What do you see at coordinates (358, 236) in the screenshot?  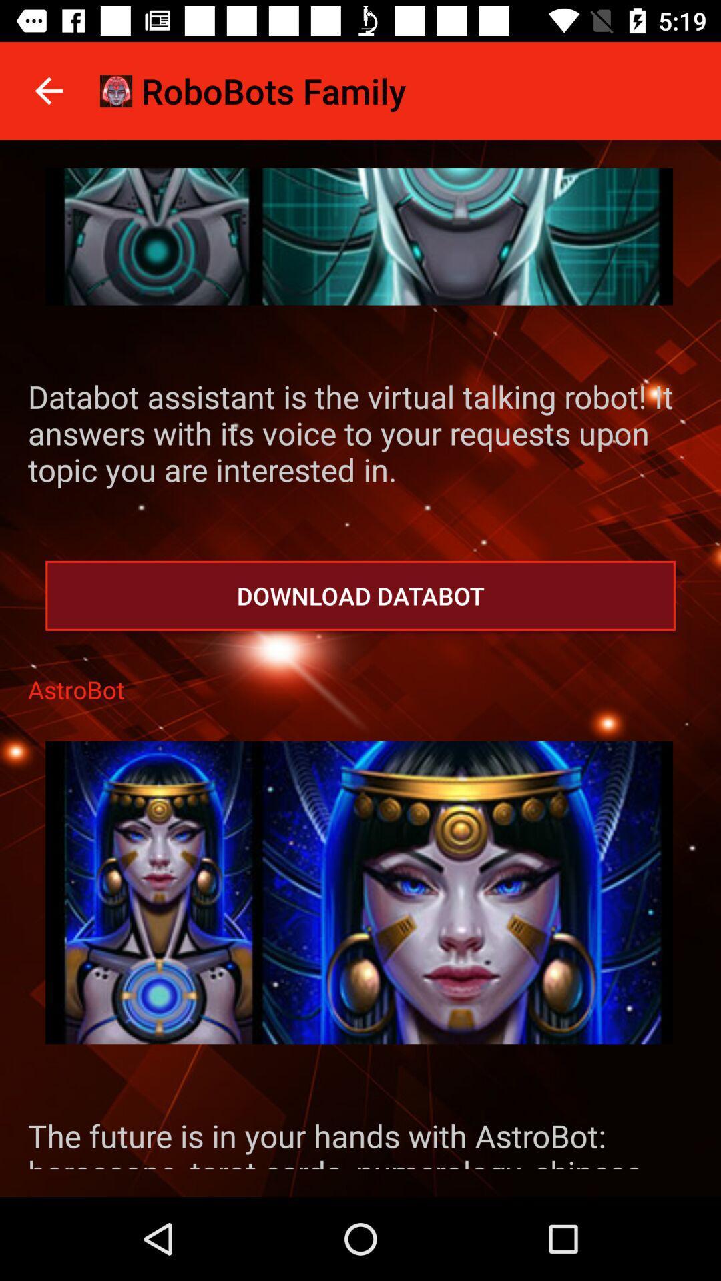 I see `game page` at bounding box center [358, 236].